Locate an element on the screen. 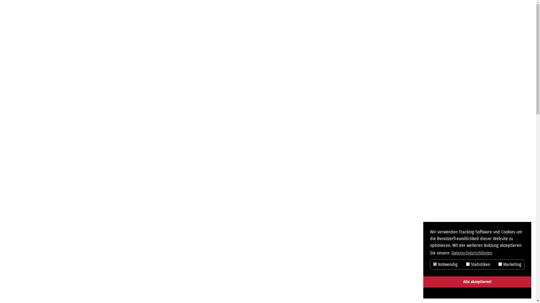 The height and width of the screenshot is (303, 540). 'Alle akzeptieren!' is located at coordinates (477, 282).